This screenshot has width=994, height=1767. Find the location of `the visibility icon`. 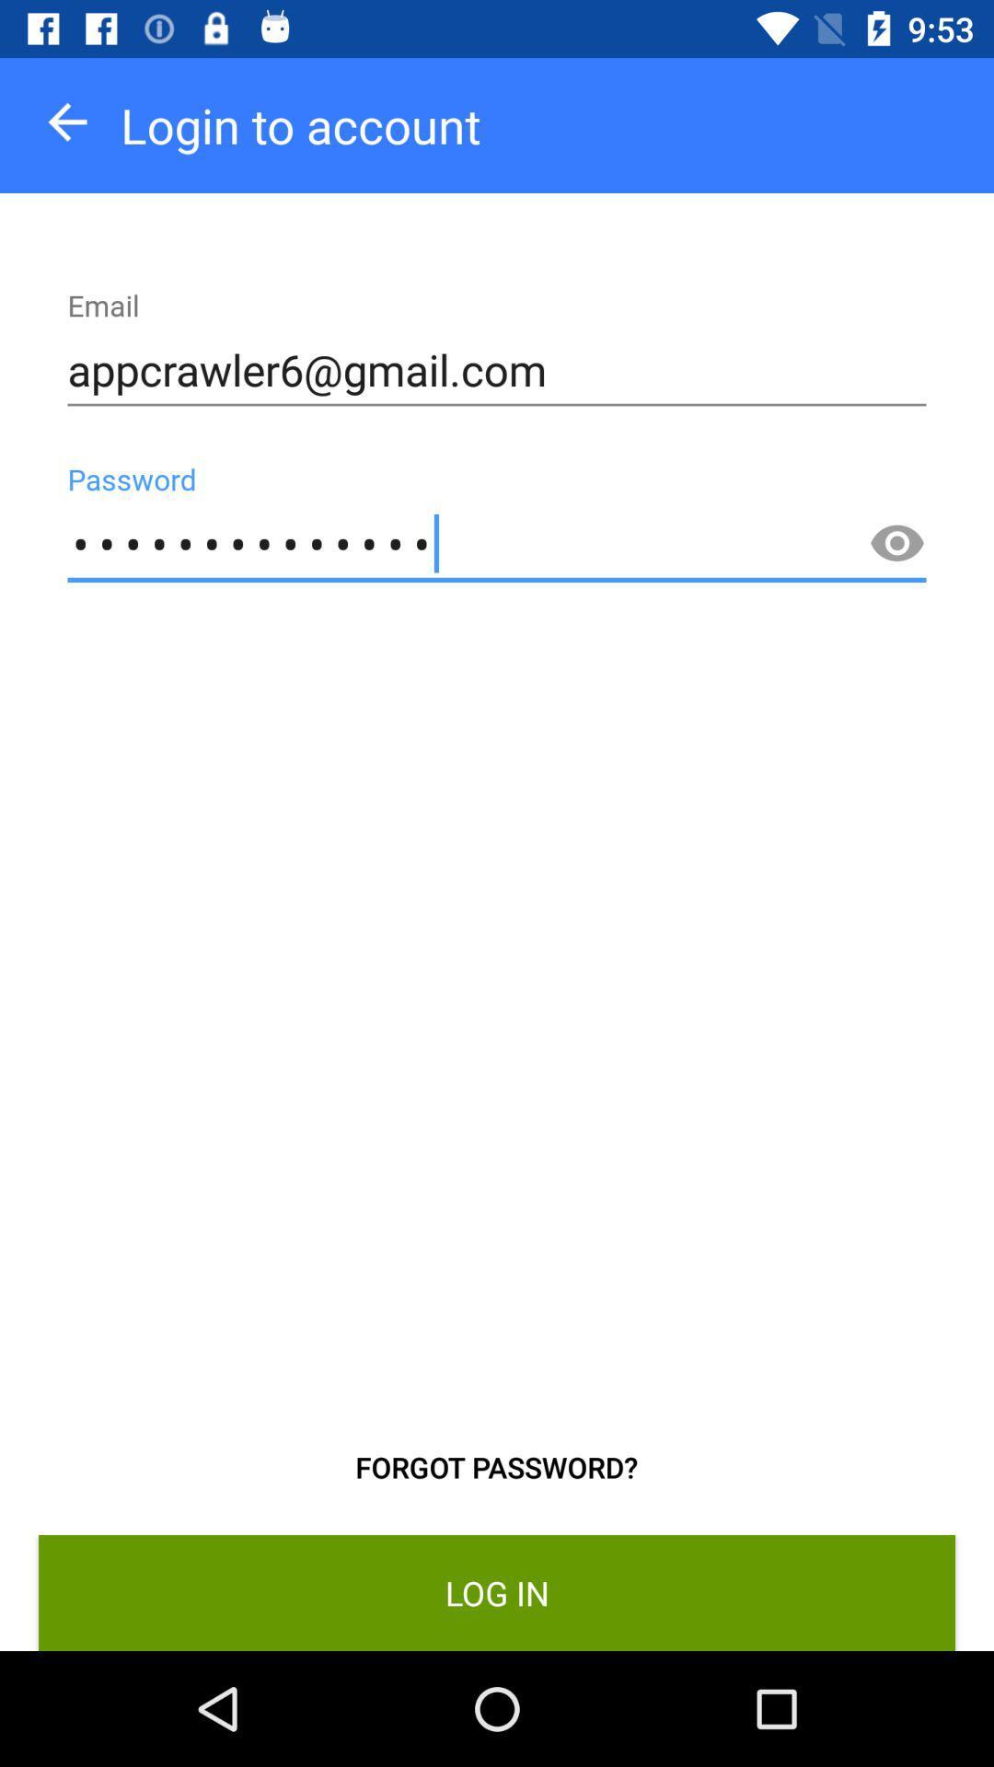

the visibility icon is located at coordinates (896, 543).